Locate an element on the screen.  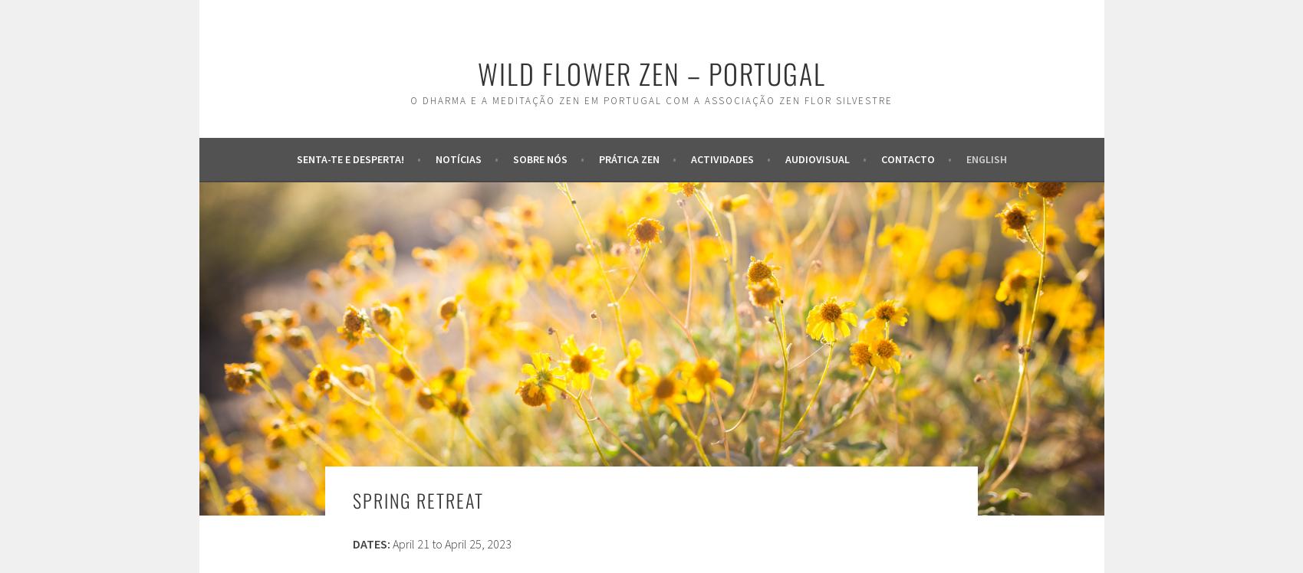
'wild flower zen – portugal' is located at coordinates (650, 73).